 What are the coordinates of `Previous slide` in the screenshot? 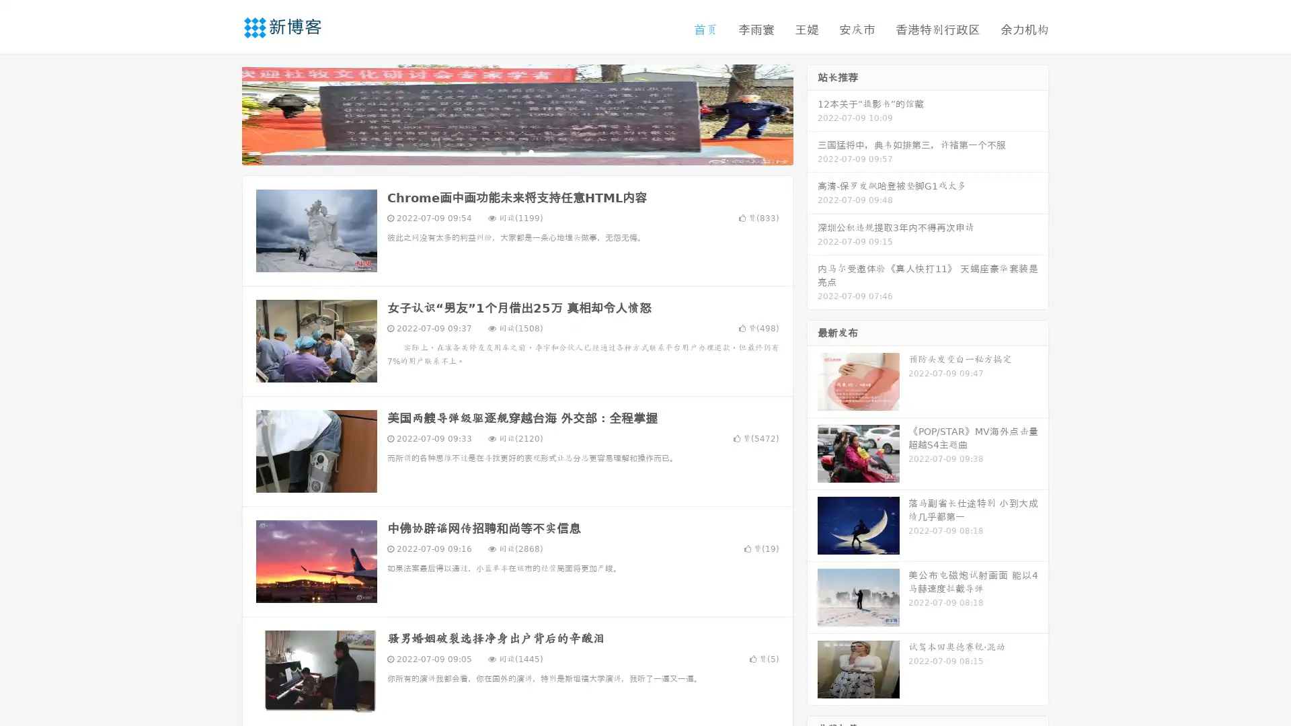 It's located at (222, 113).